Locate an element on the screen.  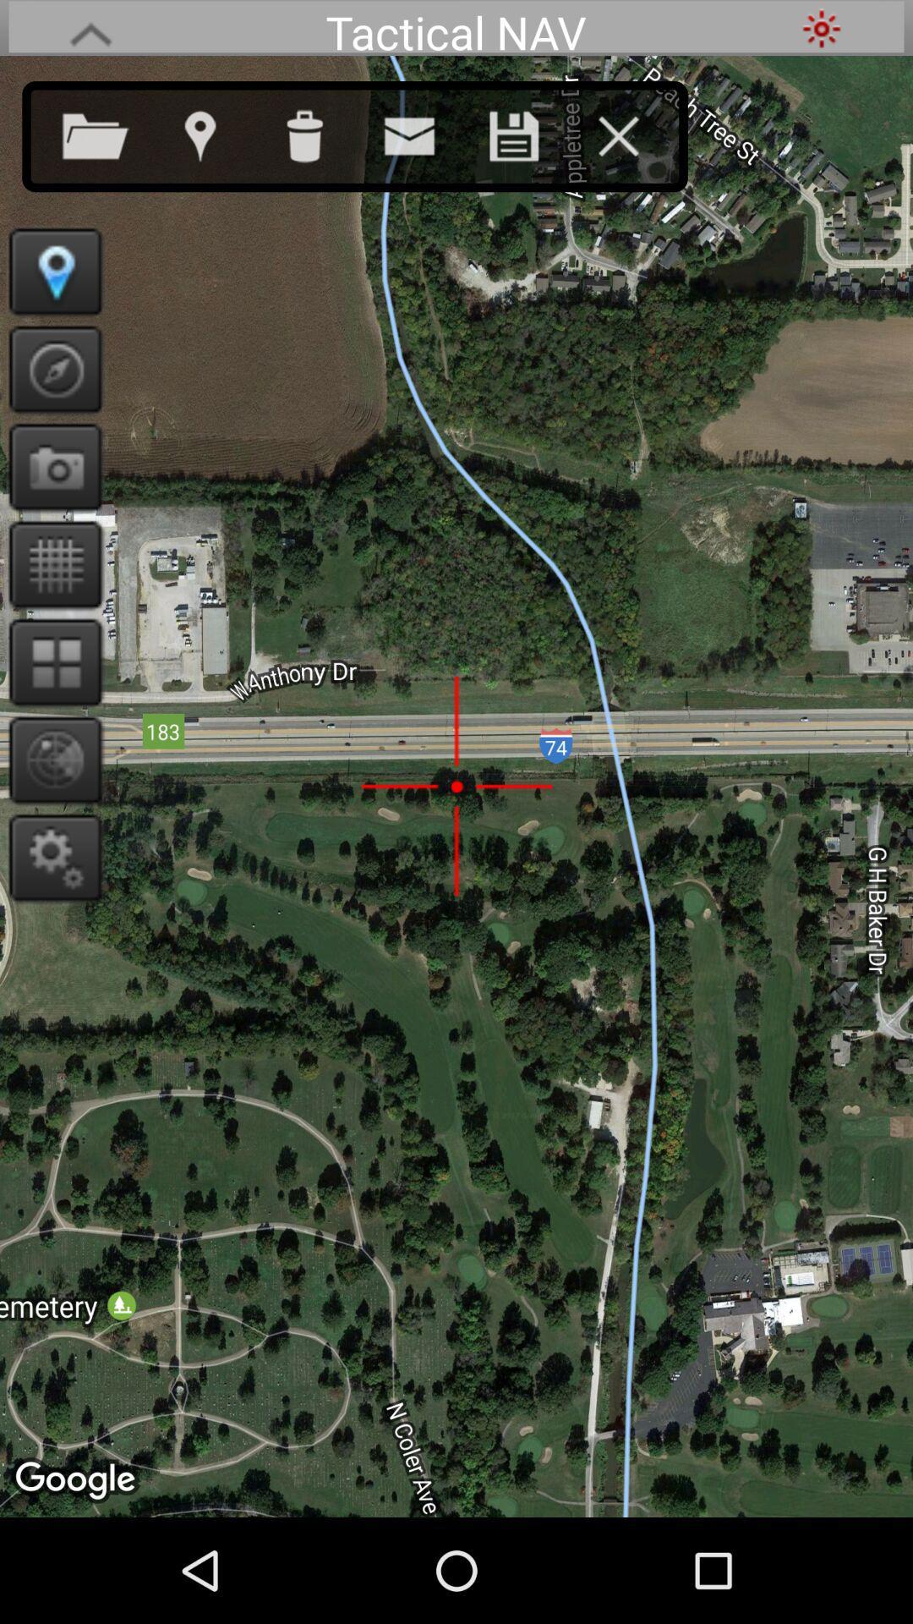
open files is located at coordinates (112, 132).